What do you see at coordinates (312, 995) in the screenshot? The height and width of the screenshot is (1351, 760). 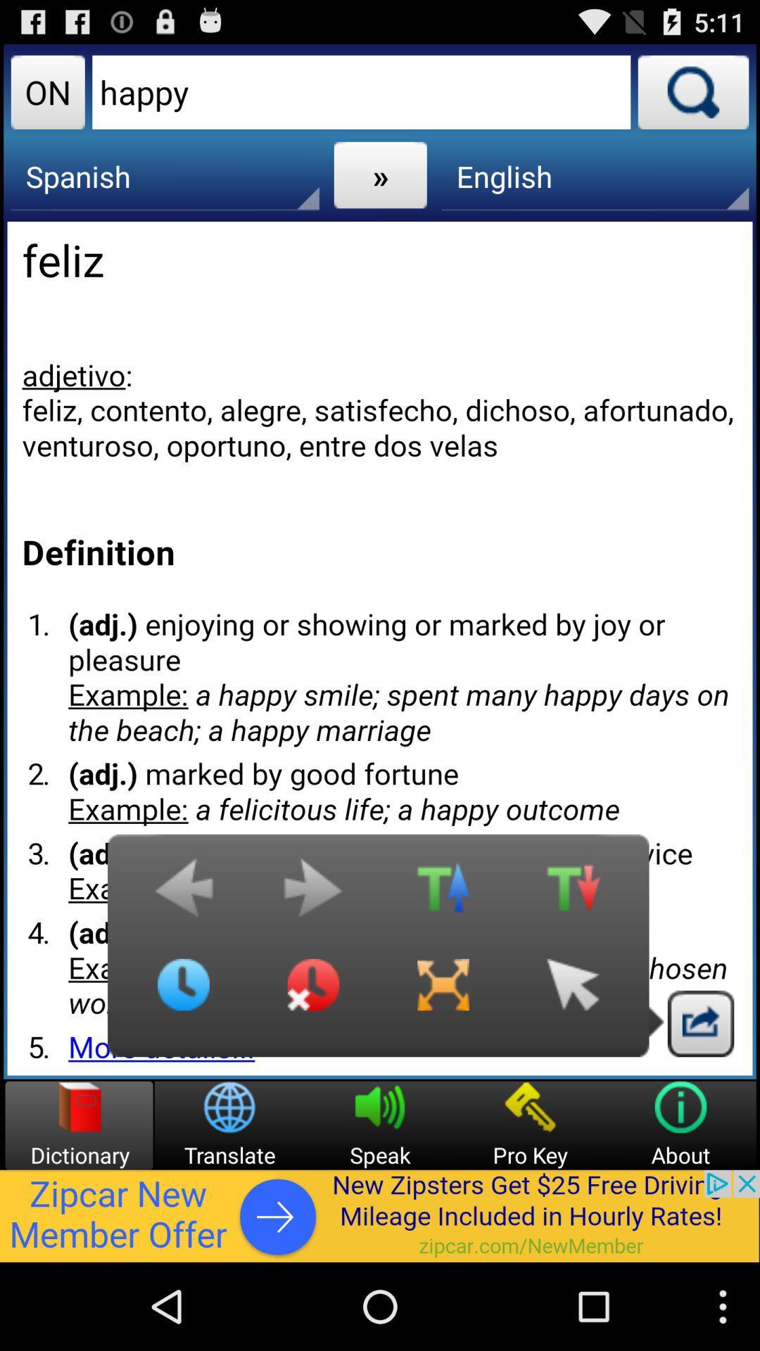 I see `close` at bounding box center [312, 995].